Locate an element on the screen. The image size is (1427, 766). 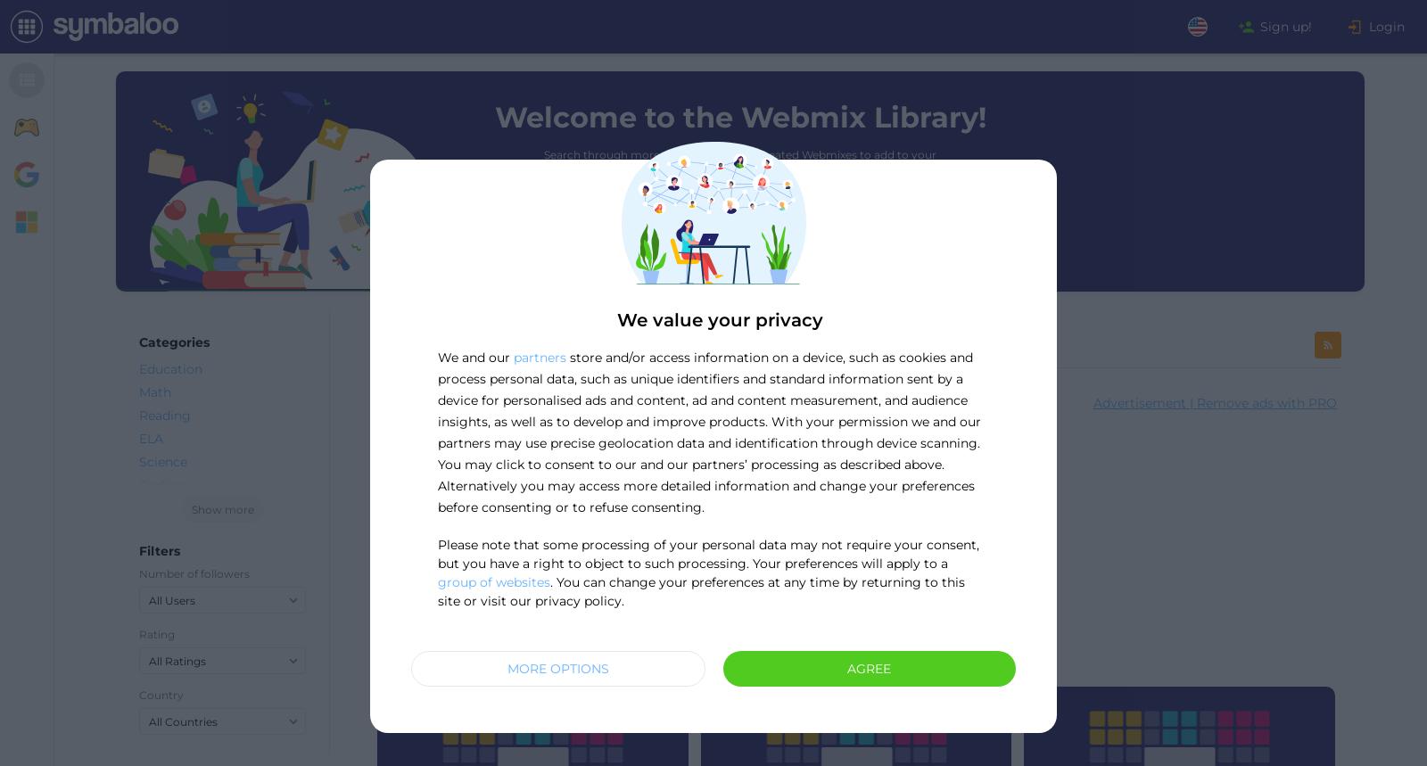
'AZTECH Finding Good Apps' is located at coordinates (831, 524).